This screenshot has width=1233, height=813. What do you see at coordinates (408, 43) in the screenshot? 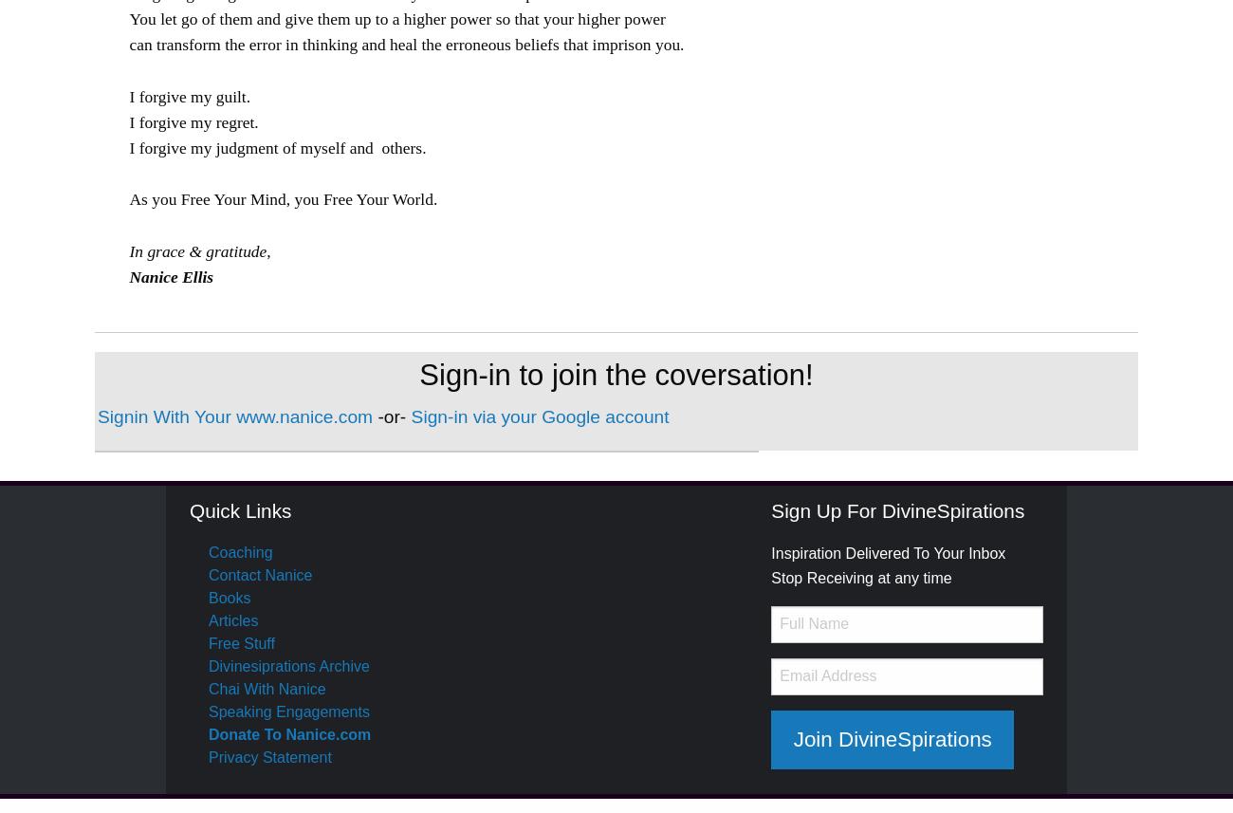
I see `'can transform the error in thinking and heal the erroneous beliefs that imprison you.'` at bounding box center [408, 43].